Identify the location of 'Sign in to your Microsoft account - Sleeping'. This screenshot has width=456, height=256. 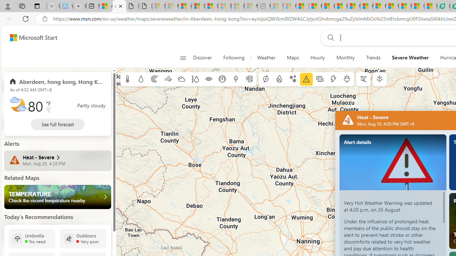
(159, 6).